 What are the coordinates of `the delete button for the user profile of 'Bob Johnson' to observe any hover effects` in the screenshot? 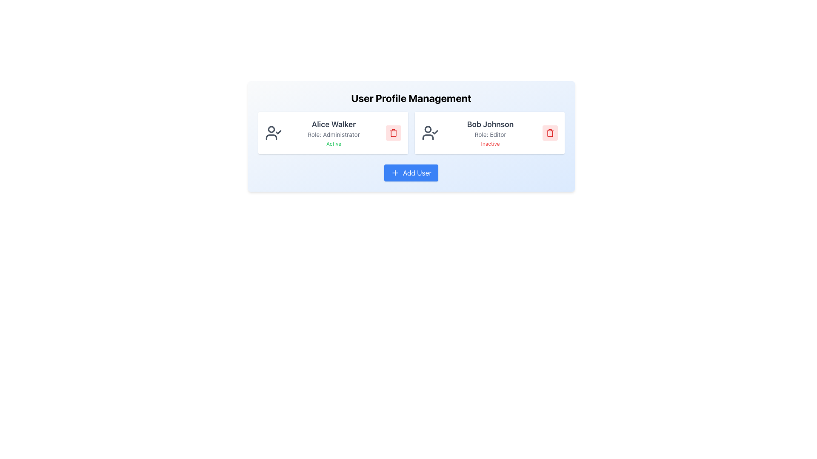 It's located at (550, 133).